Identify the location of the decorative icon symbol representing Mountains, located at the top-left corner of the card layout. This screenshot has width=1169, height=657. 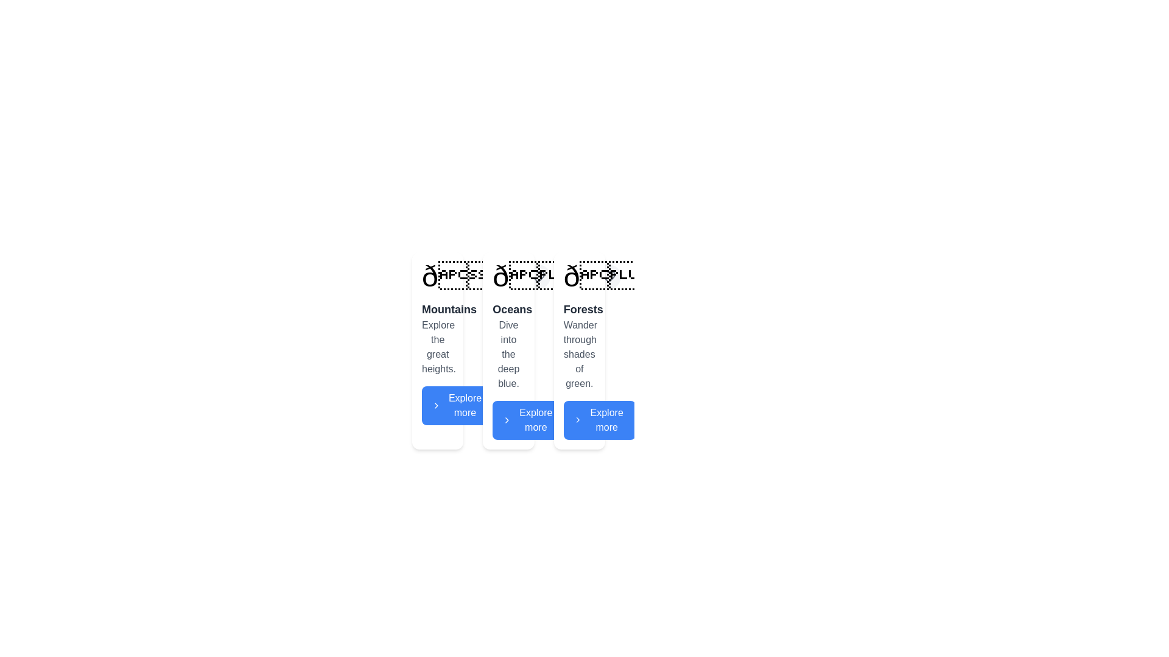
(438, 277).